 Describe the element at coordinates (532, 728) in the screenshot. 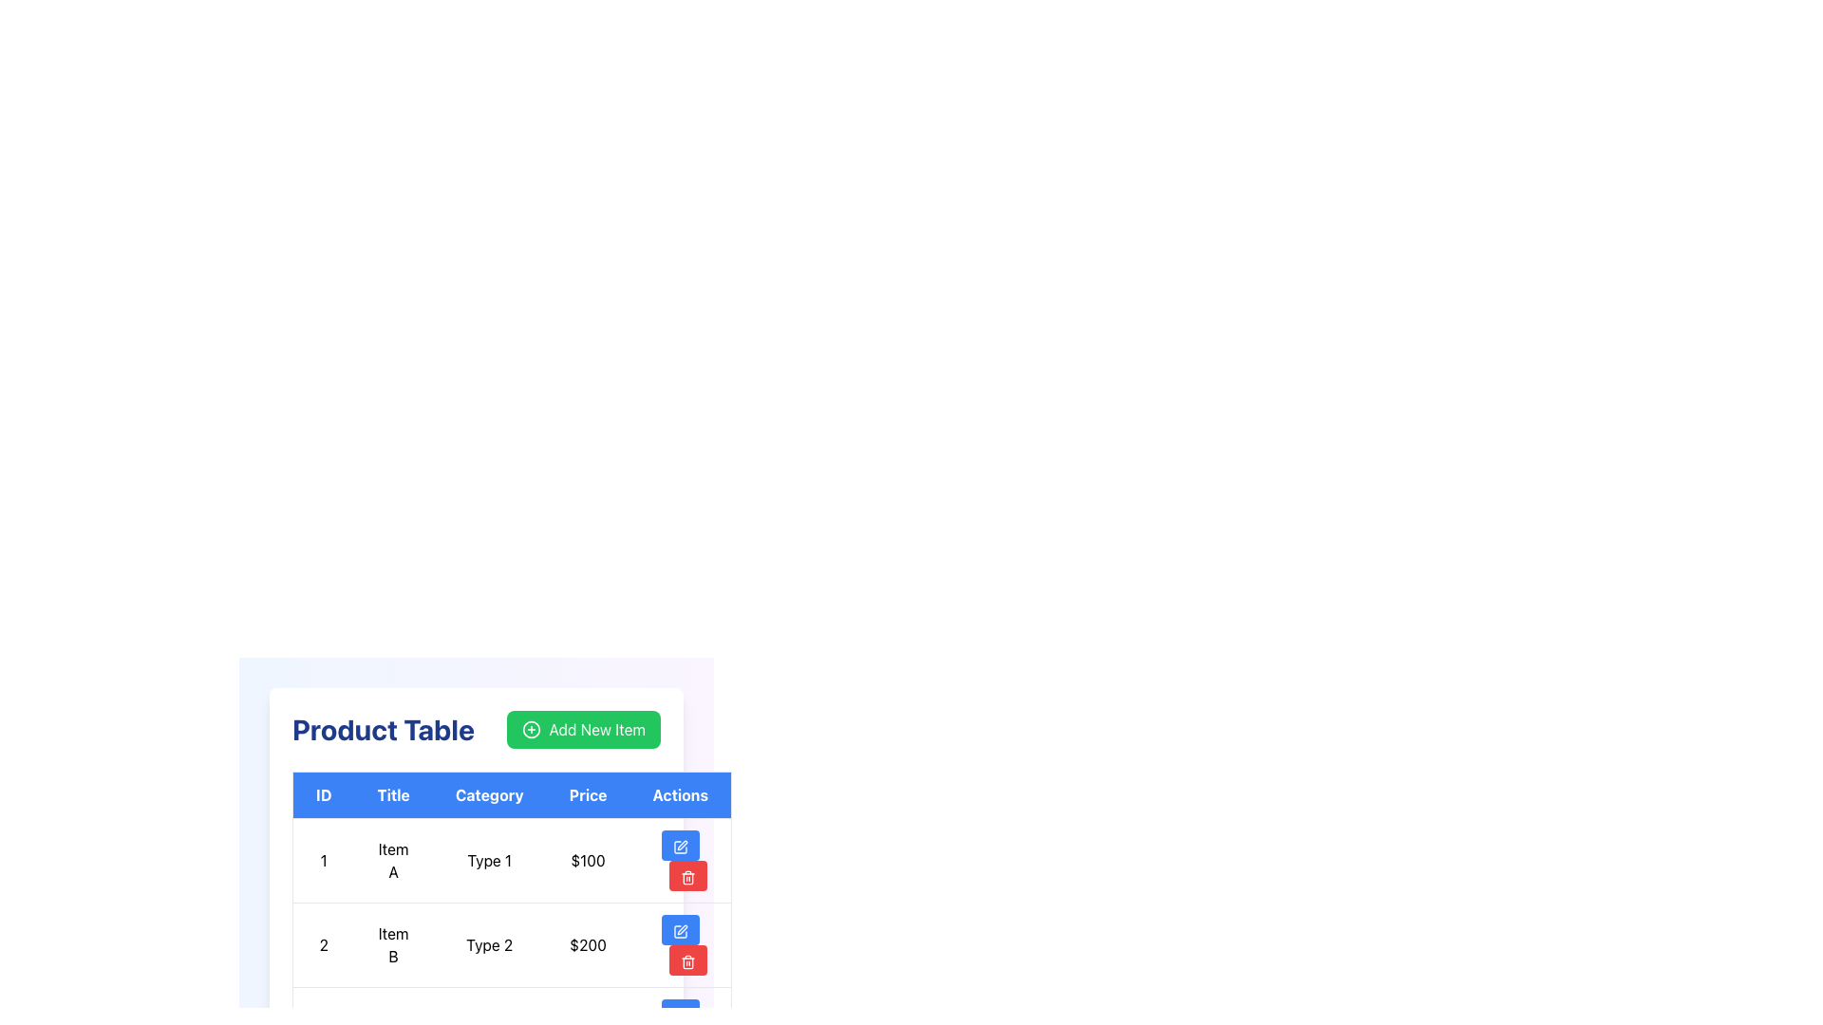

I see `the icon within the 'Add New Item' button, located at the top-right corner of the product table section` at that location.